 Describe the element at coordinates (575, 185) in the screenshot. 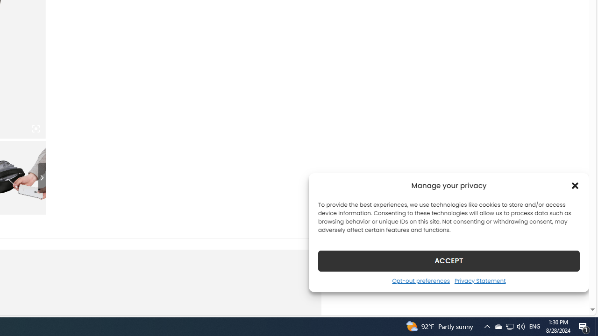

I see `'Class: cmplz-close'` at that location.